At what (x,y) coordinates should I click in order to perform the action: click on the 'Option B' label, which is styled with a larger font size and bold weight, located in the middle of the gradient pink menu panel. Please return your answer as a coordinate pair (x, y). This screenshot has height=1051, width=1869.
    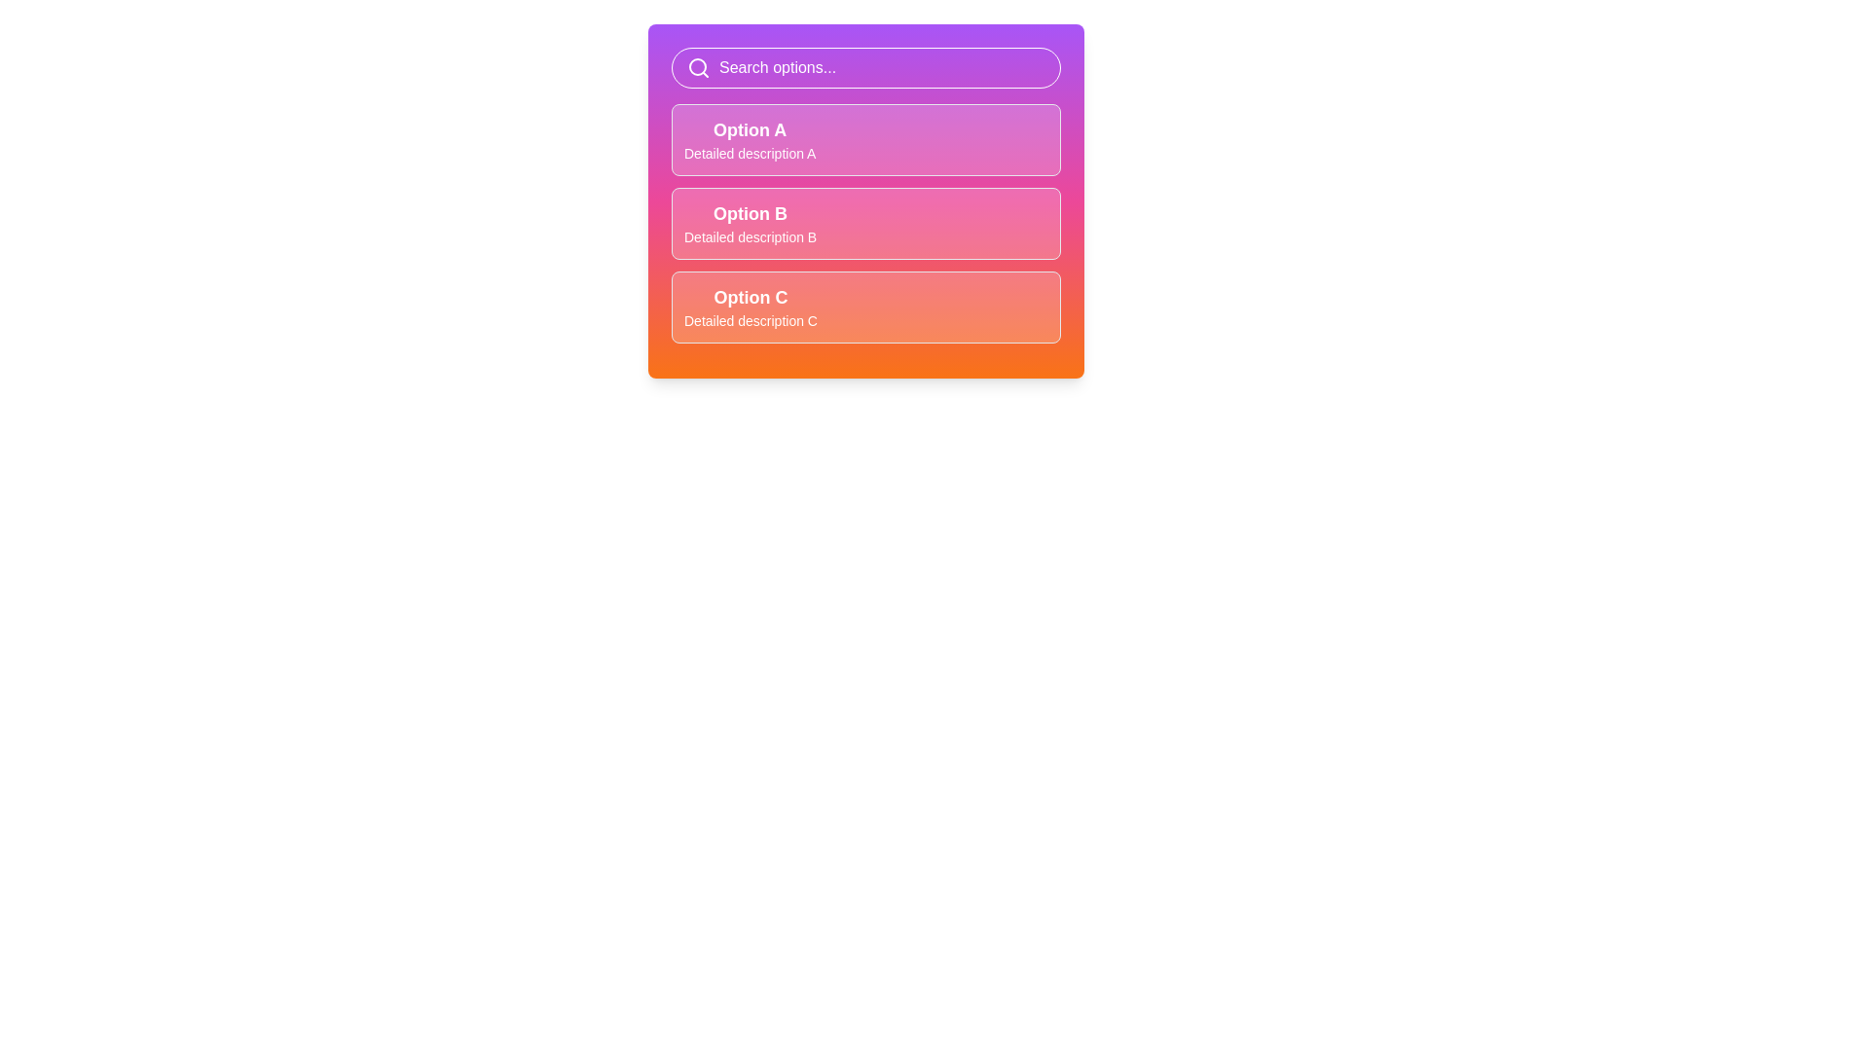
    Looking at the image, I should click on (750, 213).